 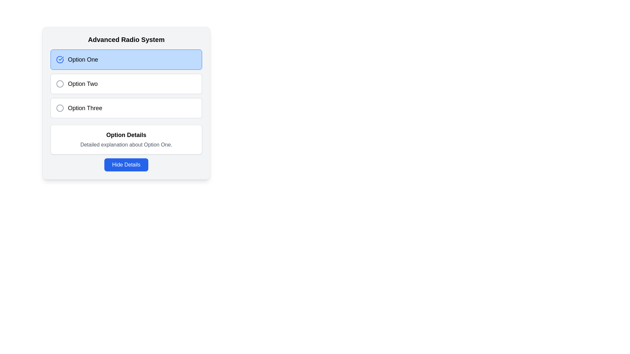 I want to click on the 'Hide Details' button, which is a rectangular button with white text on a blue background, located at the bottom of the 'Advanced Radio System' panel, so click(x=126, y=164).